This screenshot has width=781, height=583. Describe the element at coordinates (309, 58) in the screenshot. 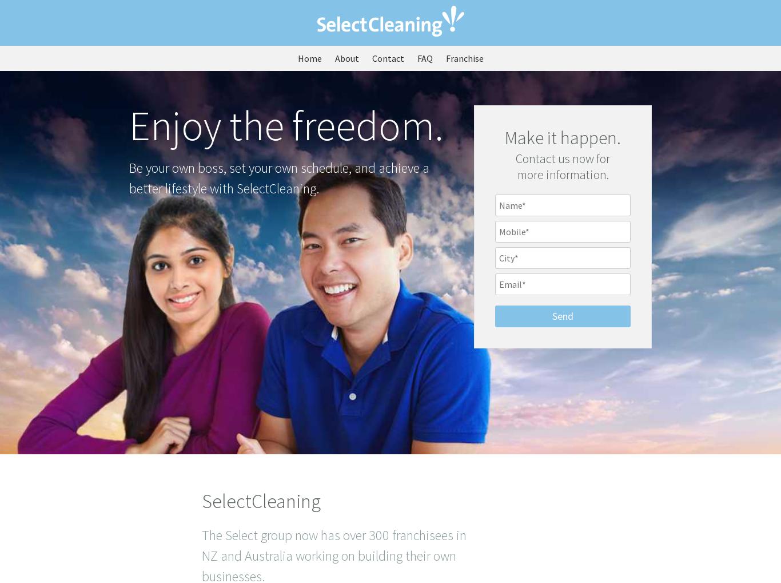

I see `'Home'` at that location.